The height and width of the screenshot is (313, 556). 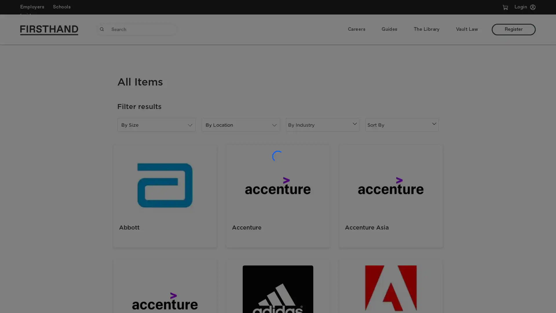 What do you see at coordinates (322, 124) in the screenshot?
I see `By Industry` at bounding box center [322, 124].